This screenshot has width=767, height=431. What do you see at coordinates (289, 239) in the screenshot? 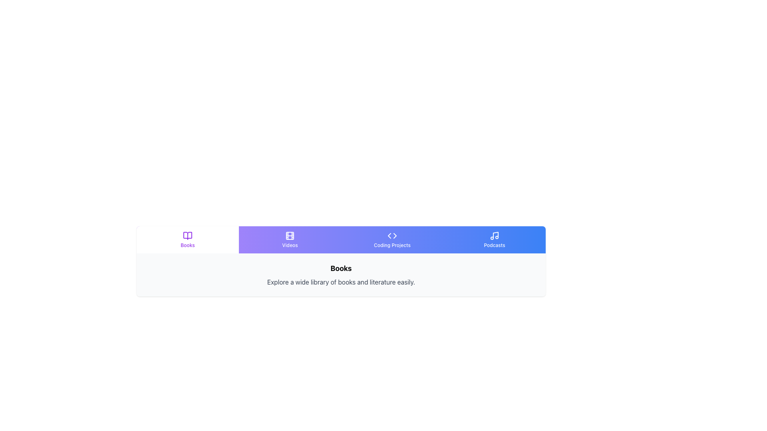
I see `the second tab in the horizontal navigation menu, which is located between the 'Books' tab and the 'Coding Projects' tab` at bounding box center [289, 239].